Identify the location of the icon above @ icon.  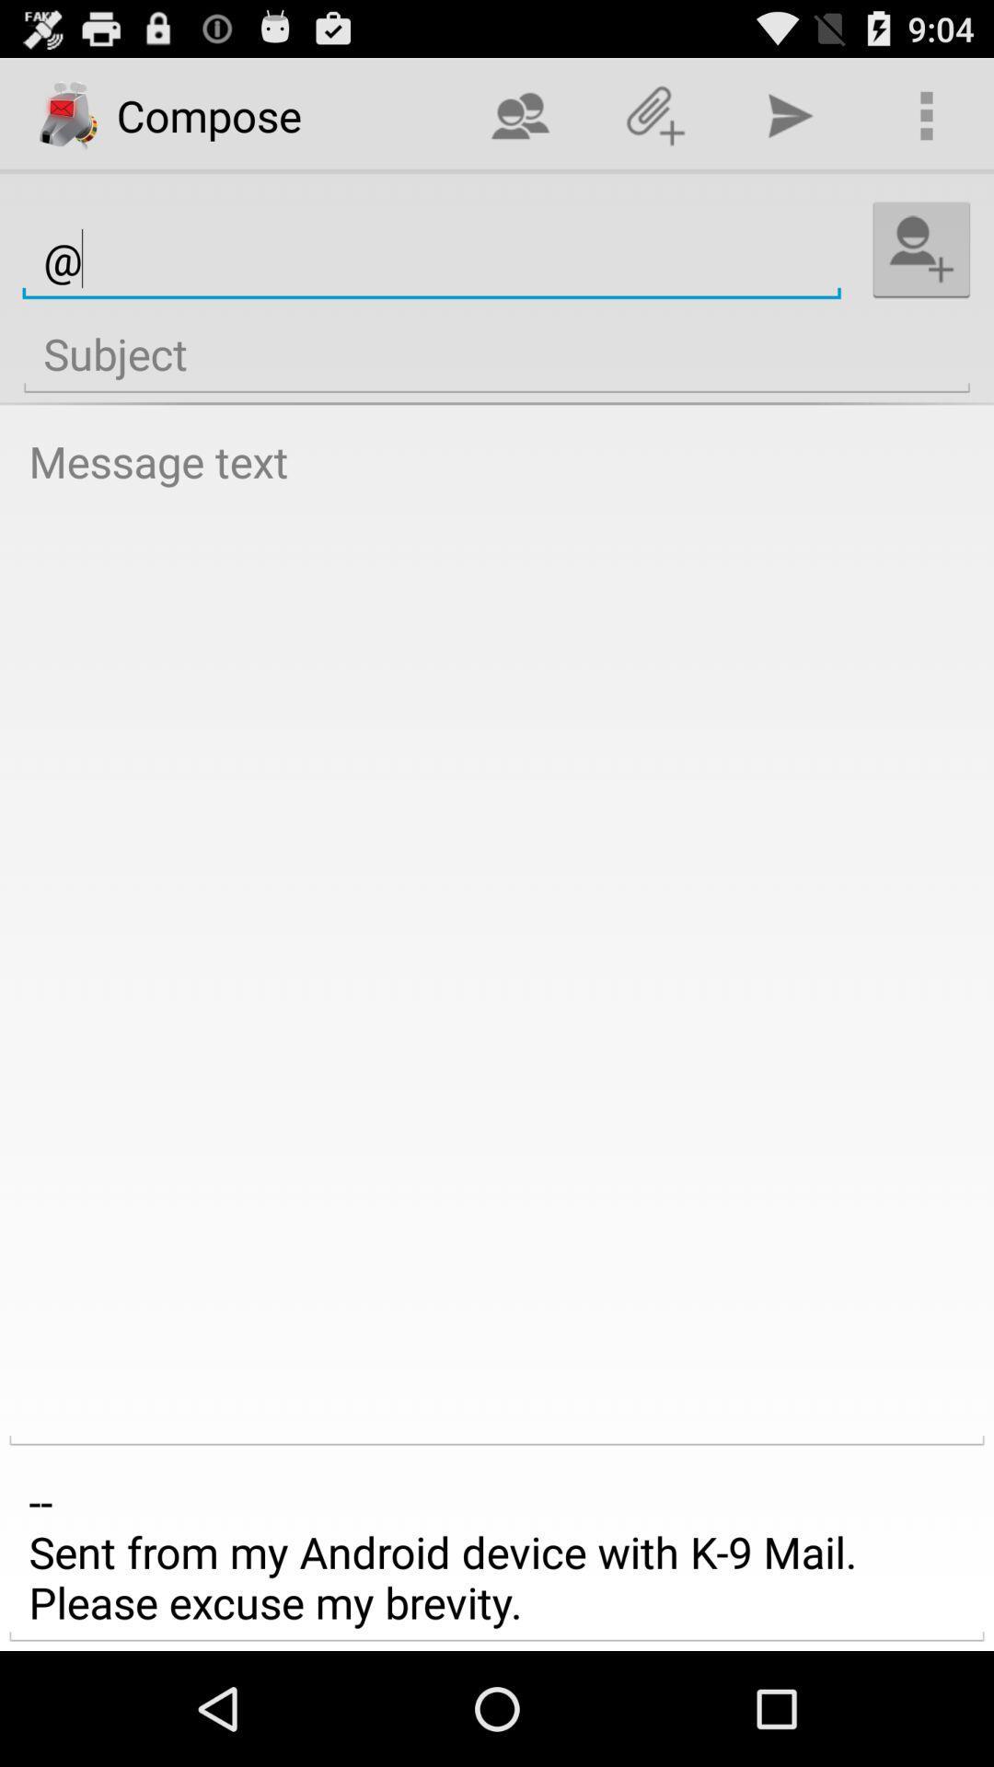
(520, 114).